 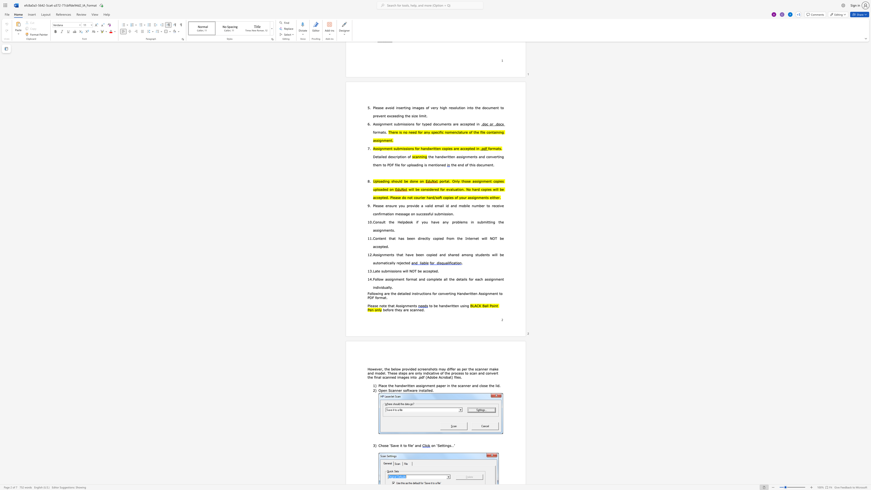 What do you see at coordinates (486, 368) in the screenshot?
I see `the 11th character "e" in the text` at bounding box center [486, 368].